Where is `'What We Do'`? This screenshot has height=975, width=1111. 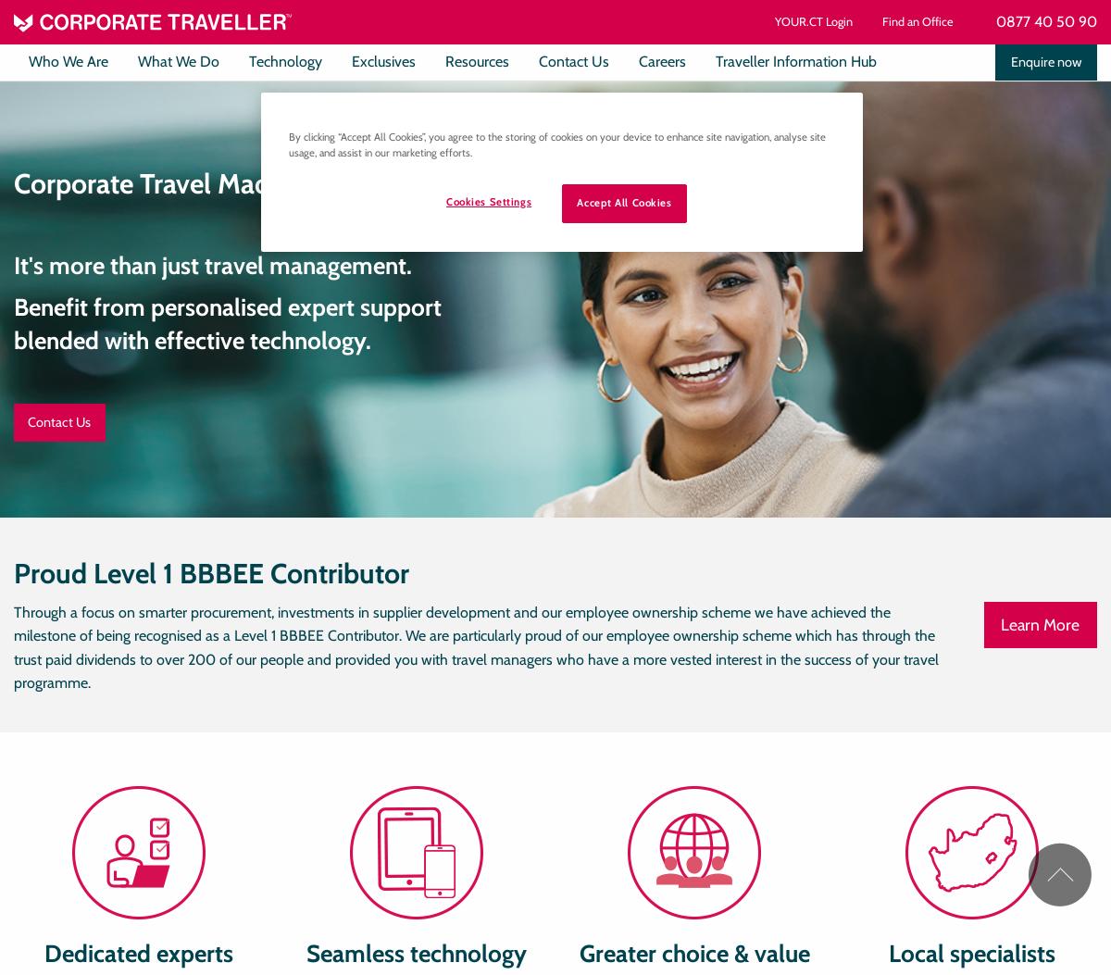
'What We Do' is located at coordinates (138, 60).